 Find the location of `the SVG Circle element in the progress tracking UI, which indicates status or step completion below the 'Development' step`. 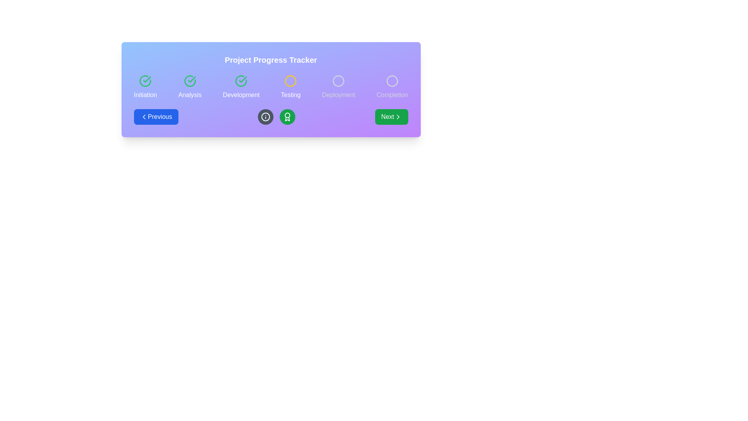

the SVG Circle element in the progress tracking UI, which indicates status or step completion below the 'Development' step is located at coordinates (266, 117).